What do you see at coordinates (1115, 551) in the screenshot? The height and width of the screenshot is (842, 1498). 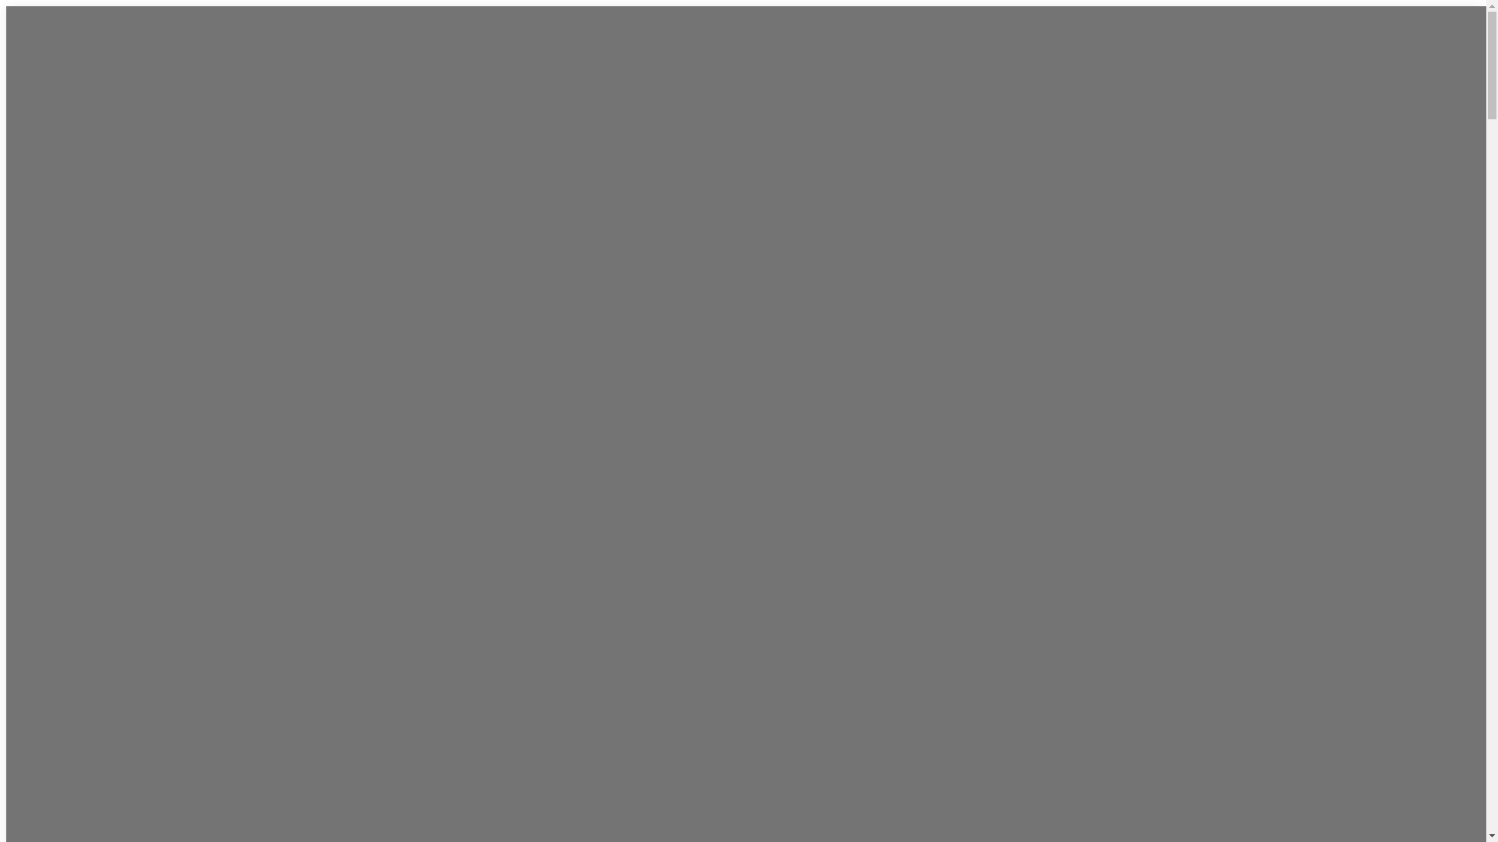 I see `'Go!'` at bounding box center [1115, 551].